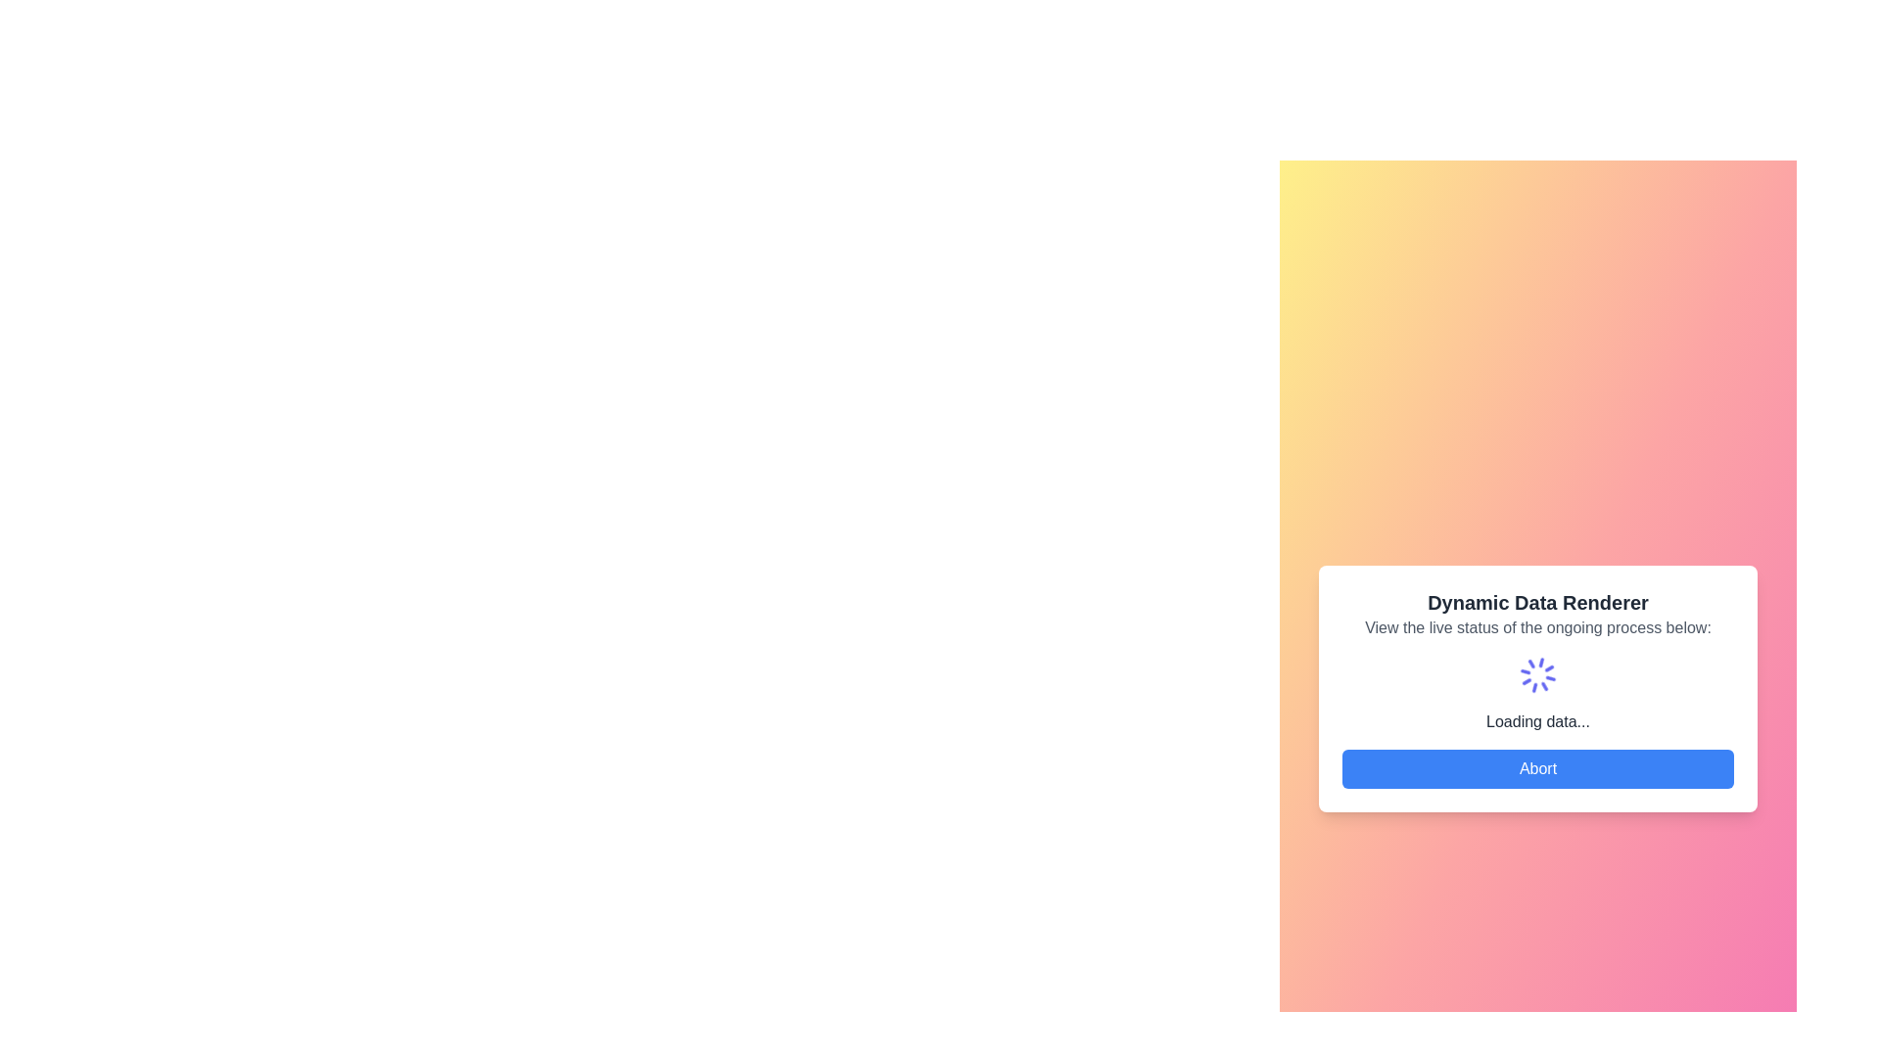 This screenshot has width=1880, height=1057. Describe the element at coordinates (1536, 602) in the screenshot. I see `text 'Dynamic Data Renderer' from the prominently displayed header at the top of the content card` at that location.